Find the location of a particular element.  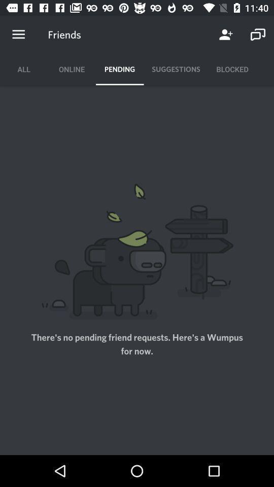

the icon next to friends item is located at coordinates (18, 34).